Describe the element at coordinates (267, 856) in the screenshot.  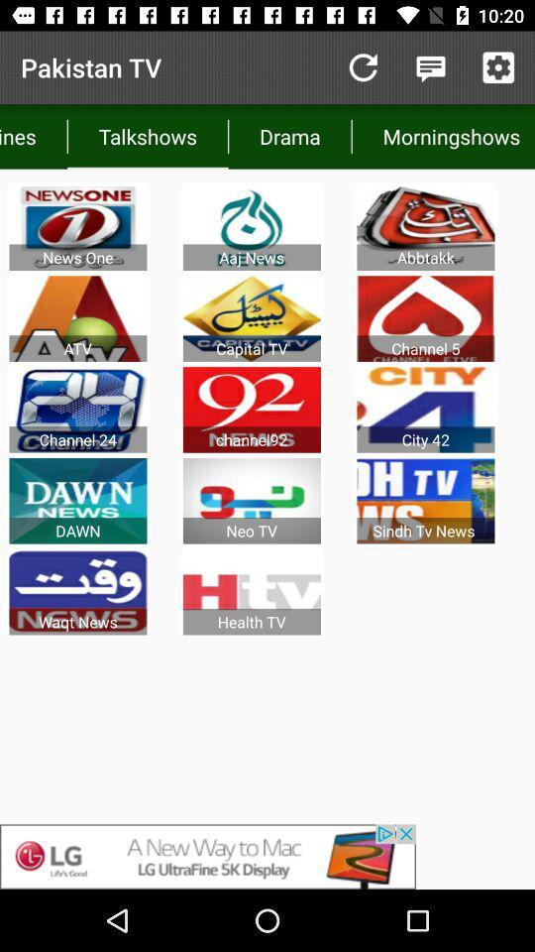
I see `advertisement` at that location.